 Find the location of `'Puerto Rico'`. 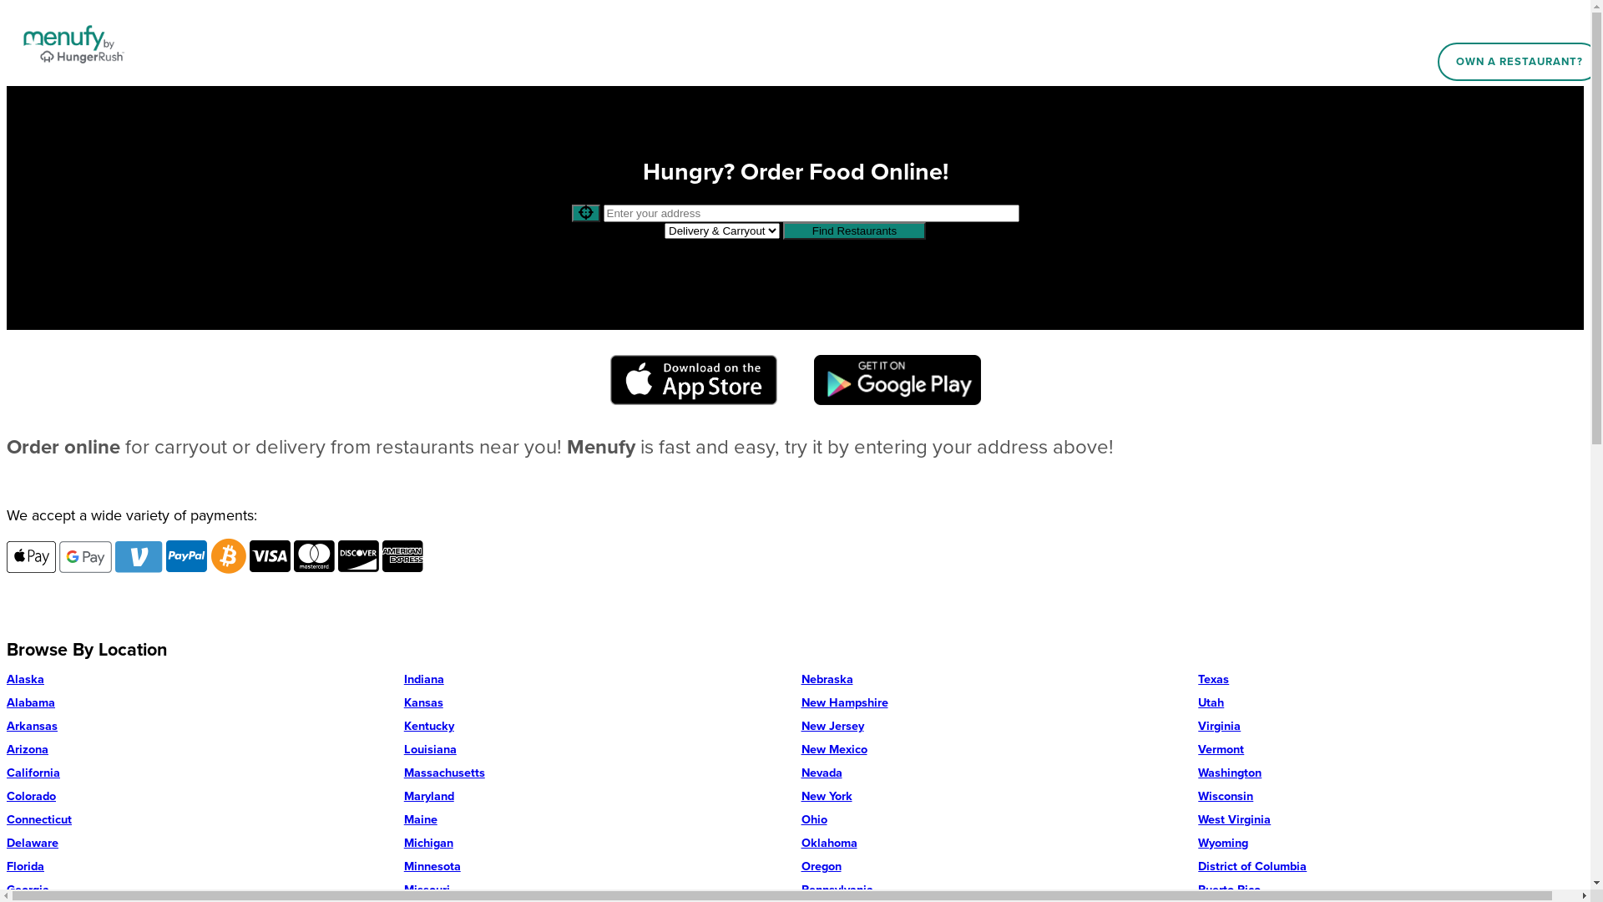

'Puerto Rico' is located at coordinates (1390, 889).